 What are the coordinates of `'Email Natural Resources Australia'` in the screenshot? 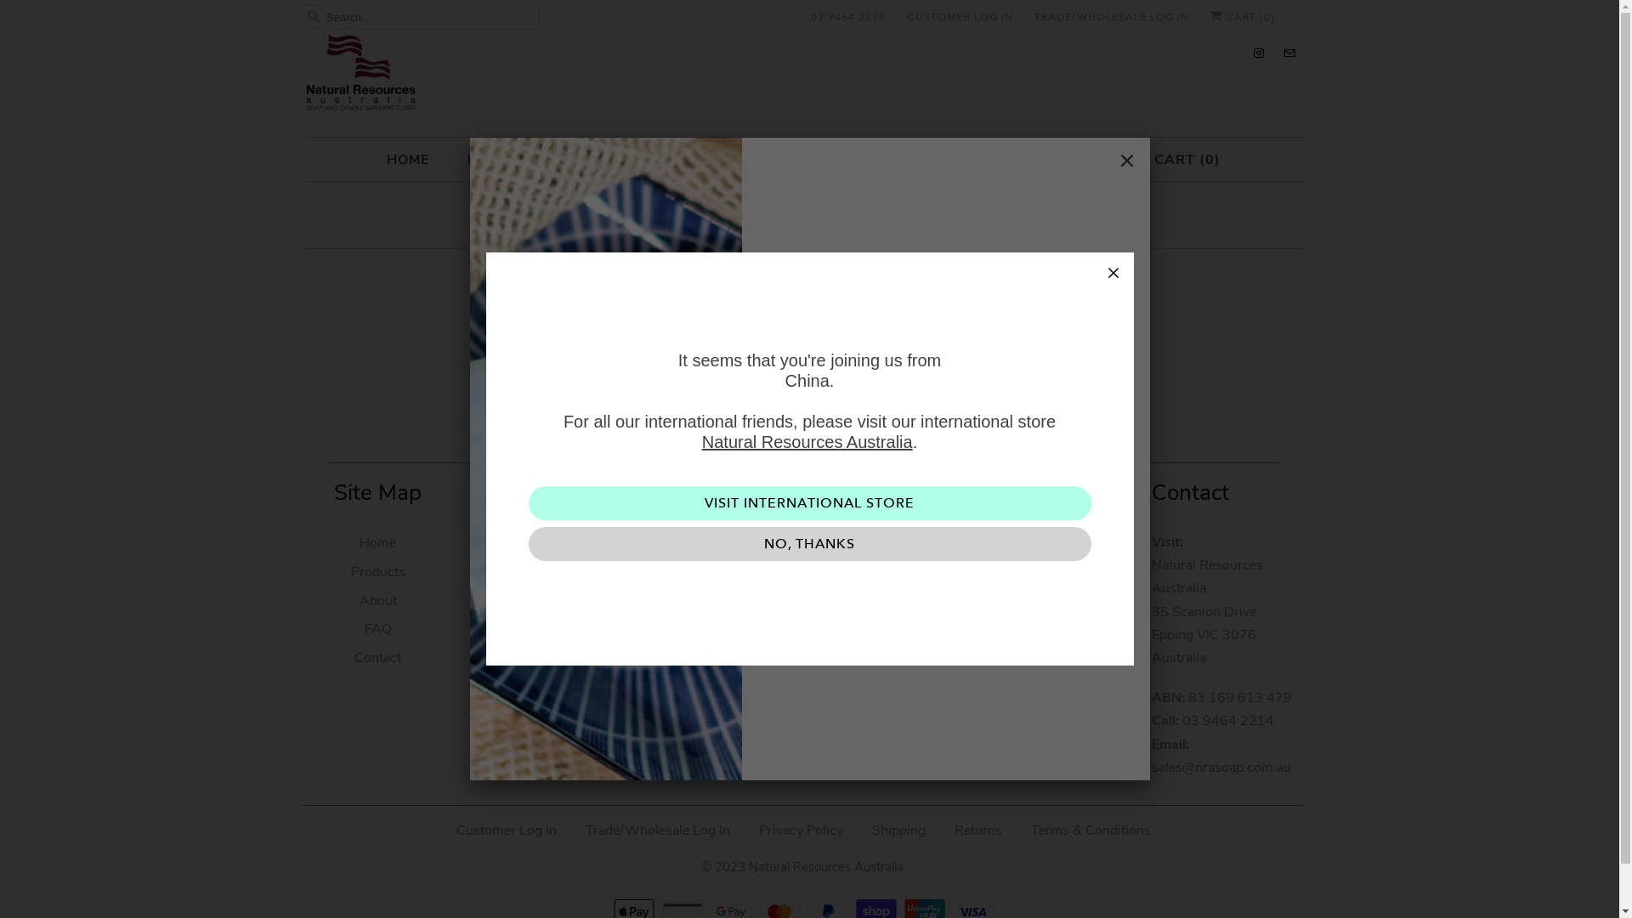 It's located at (1278, 52).